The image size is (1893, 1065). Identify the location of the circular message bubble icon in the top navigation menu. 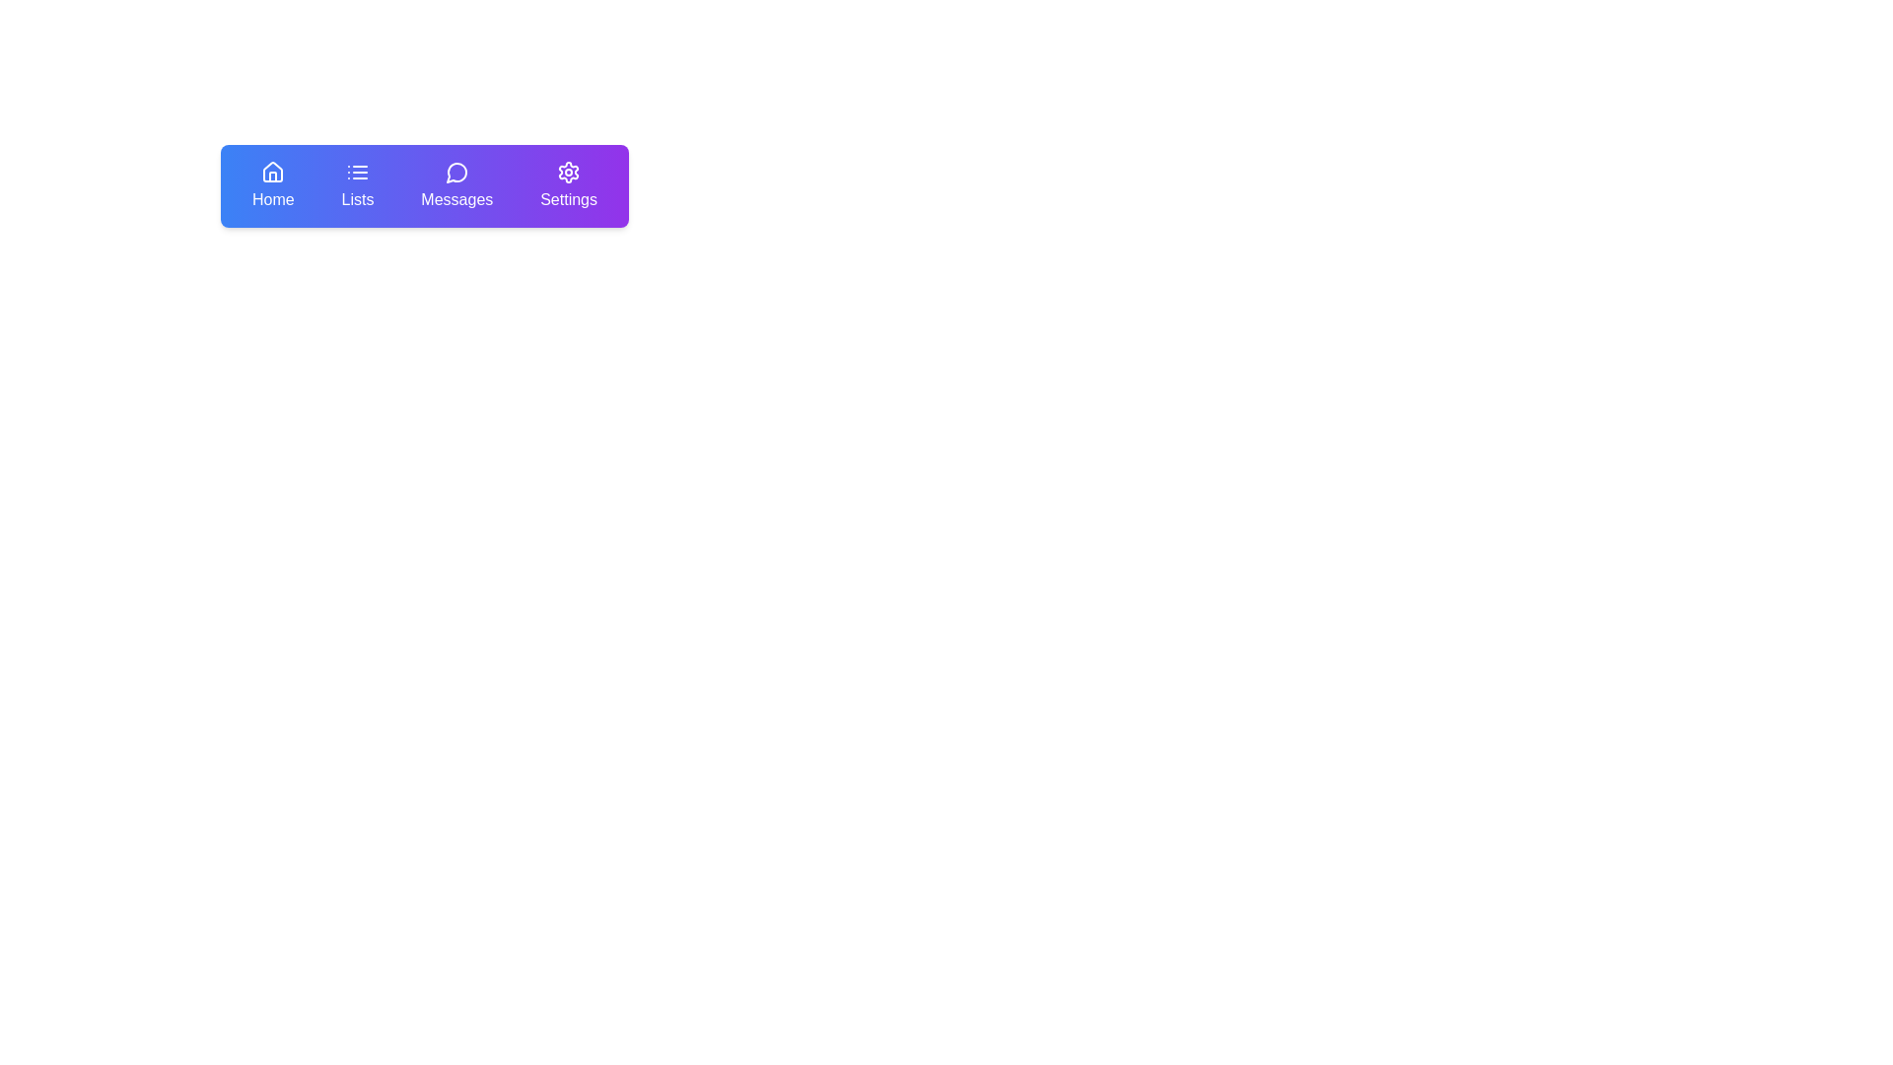
(456, 171).